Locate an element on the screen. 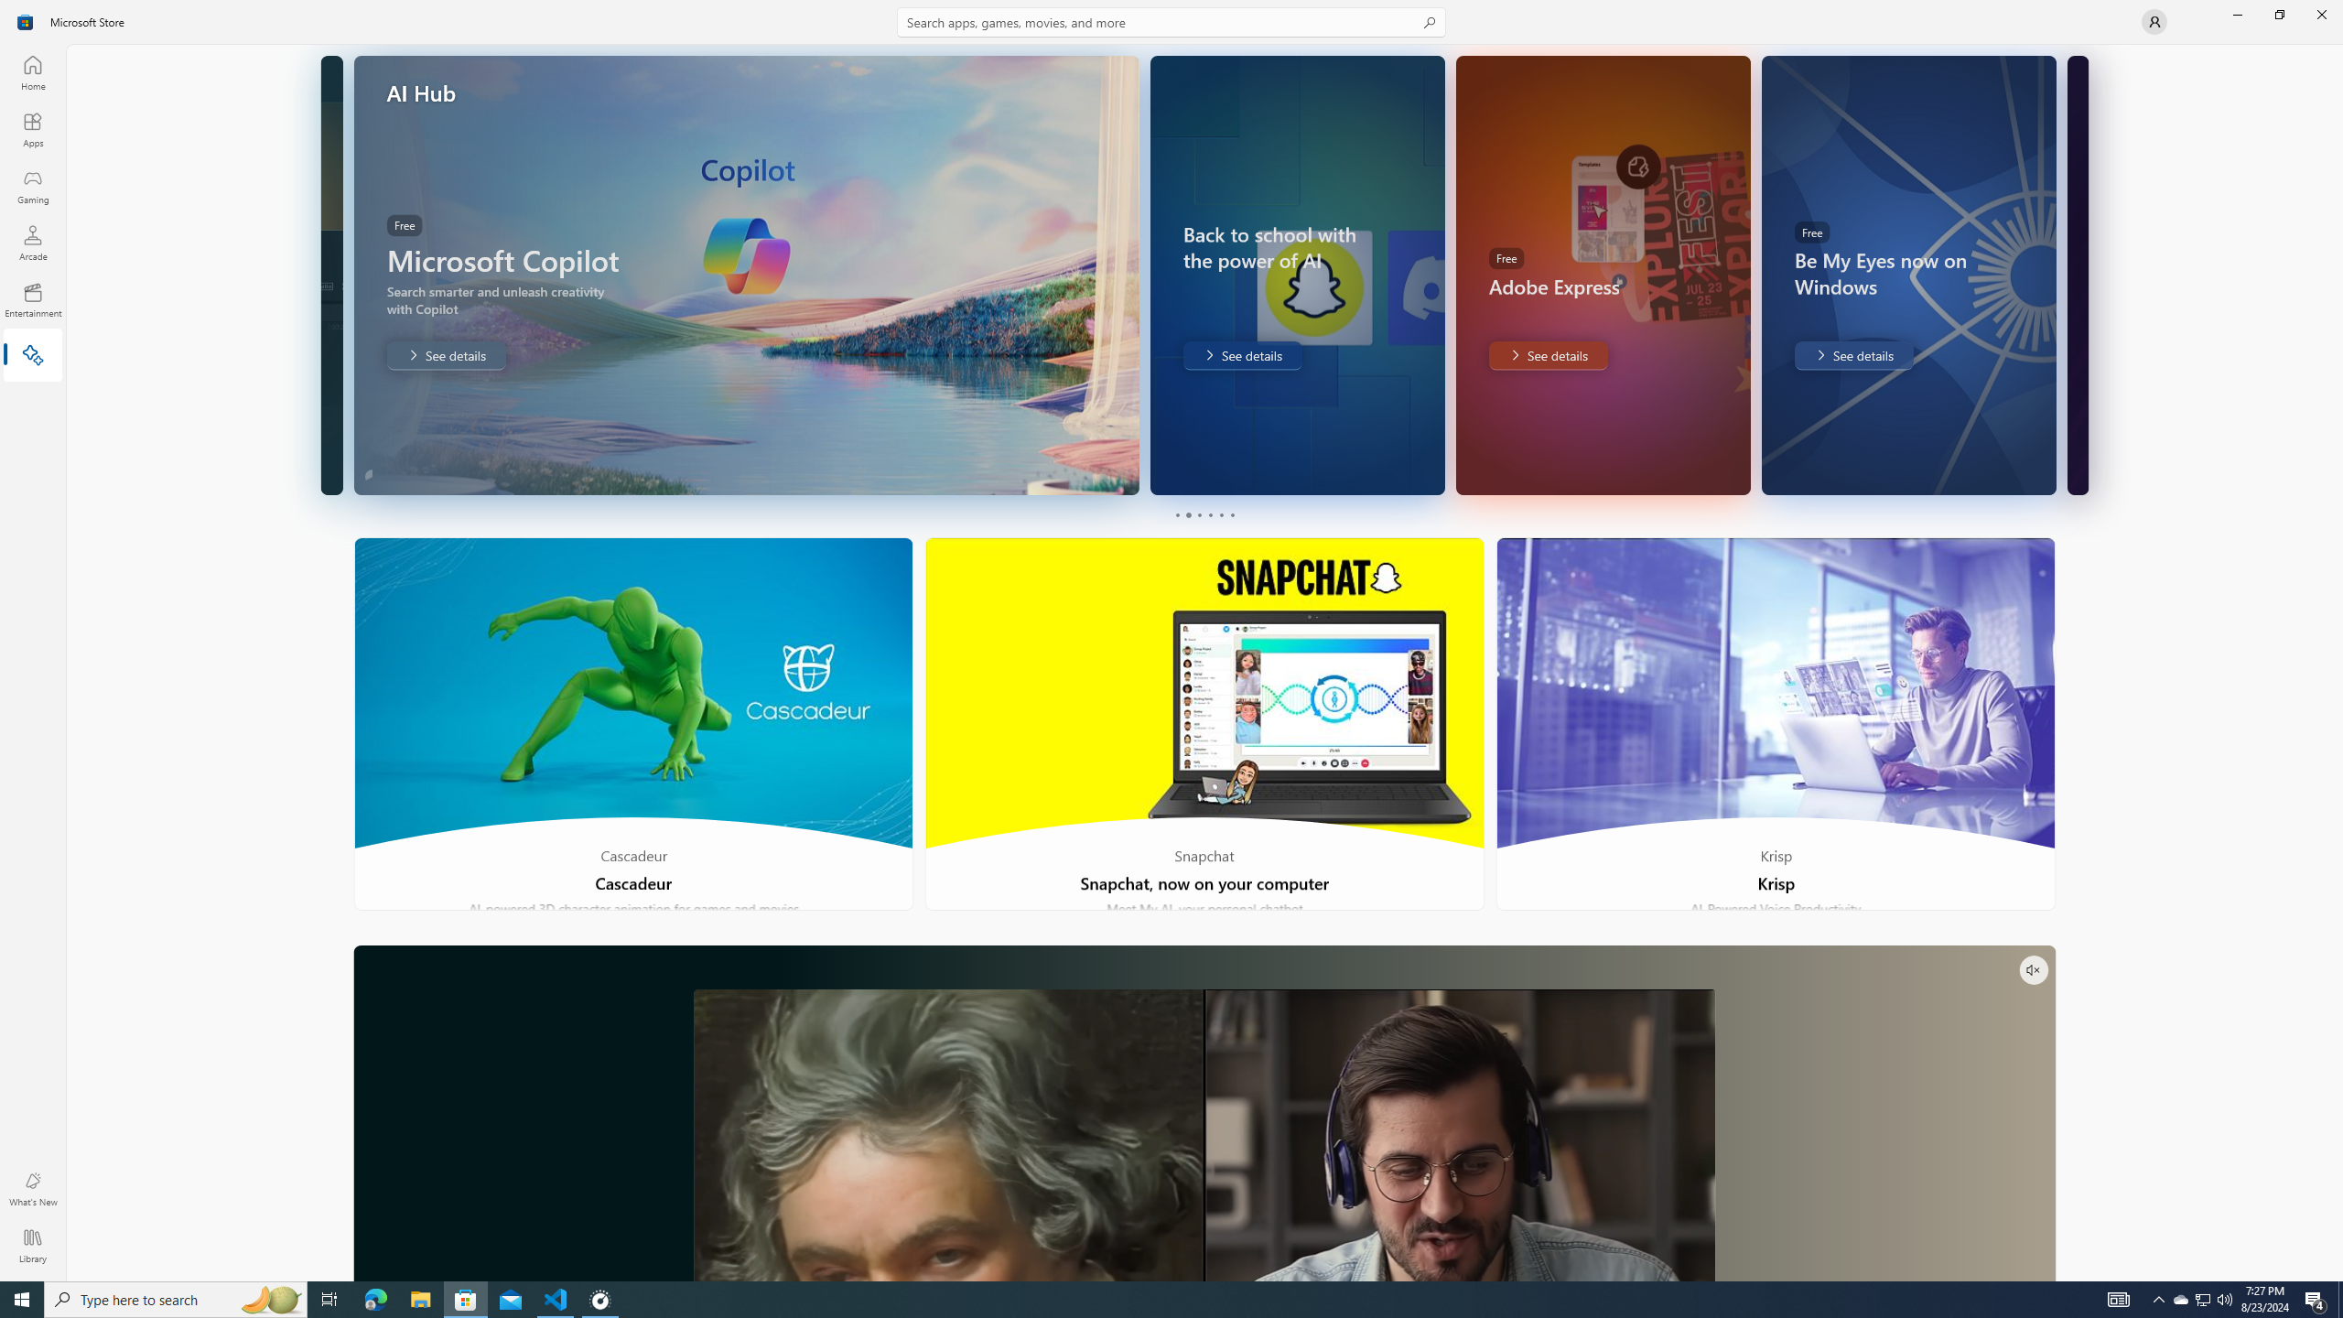  'Pager' is located at coordinates (1203, 514).